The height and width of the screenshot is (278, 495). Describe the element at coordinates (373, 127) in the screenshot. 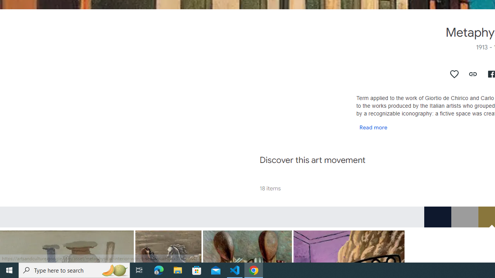

I see `'Read more'` at that location.